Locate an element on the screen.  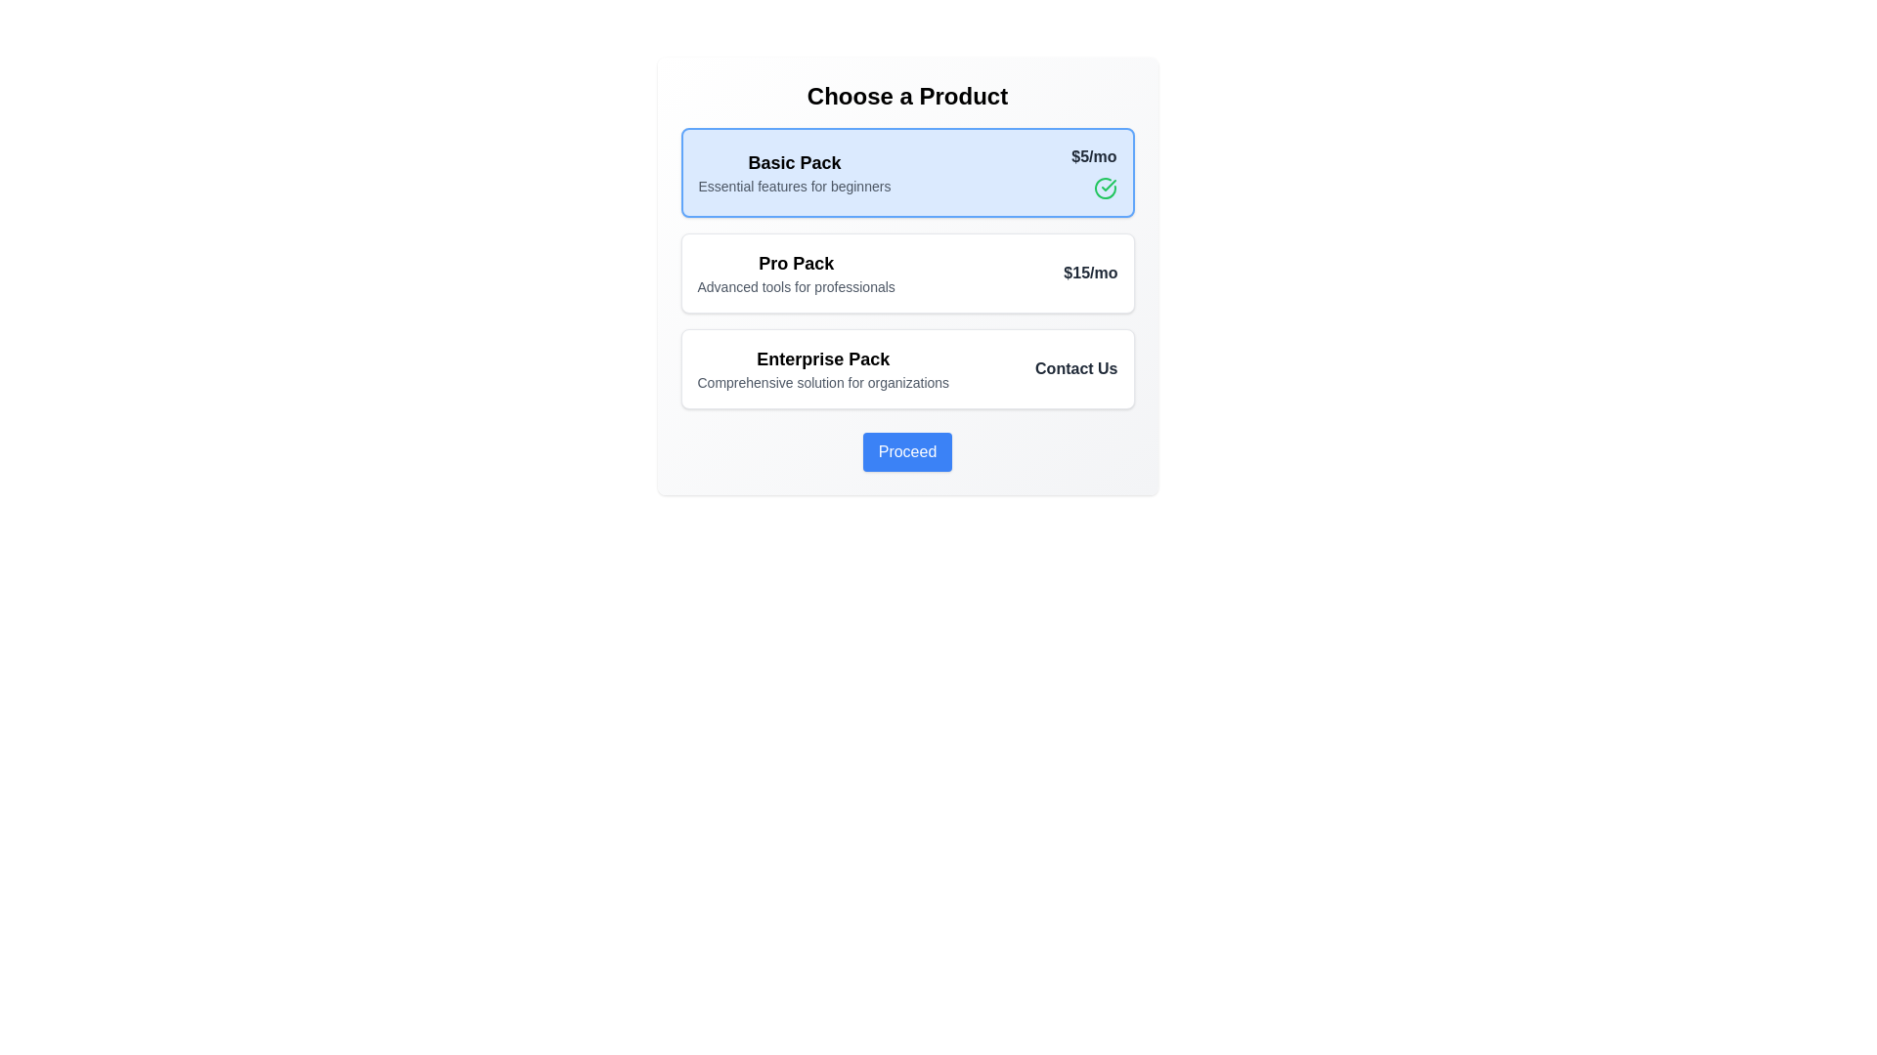
the description text label for the 'Pro Pack' product option, which is positioned directly beneath the bold 'Pro Pack' label in the second product option box is located at coordinates (796, 286).